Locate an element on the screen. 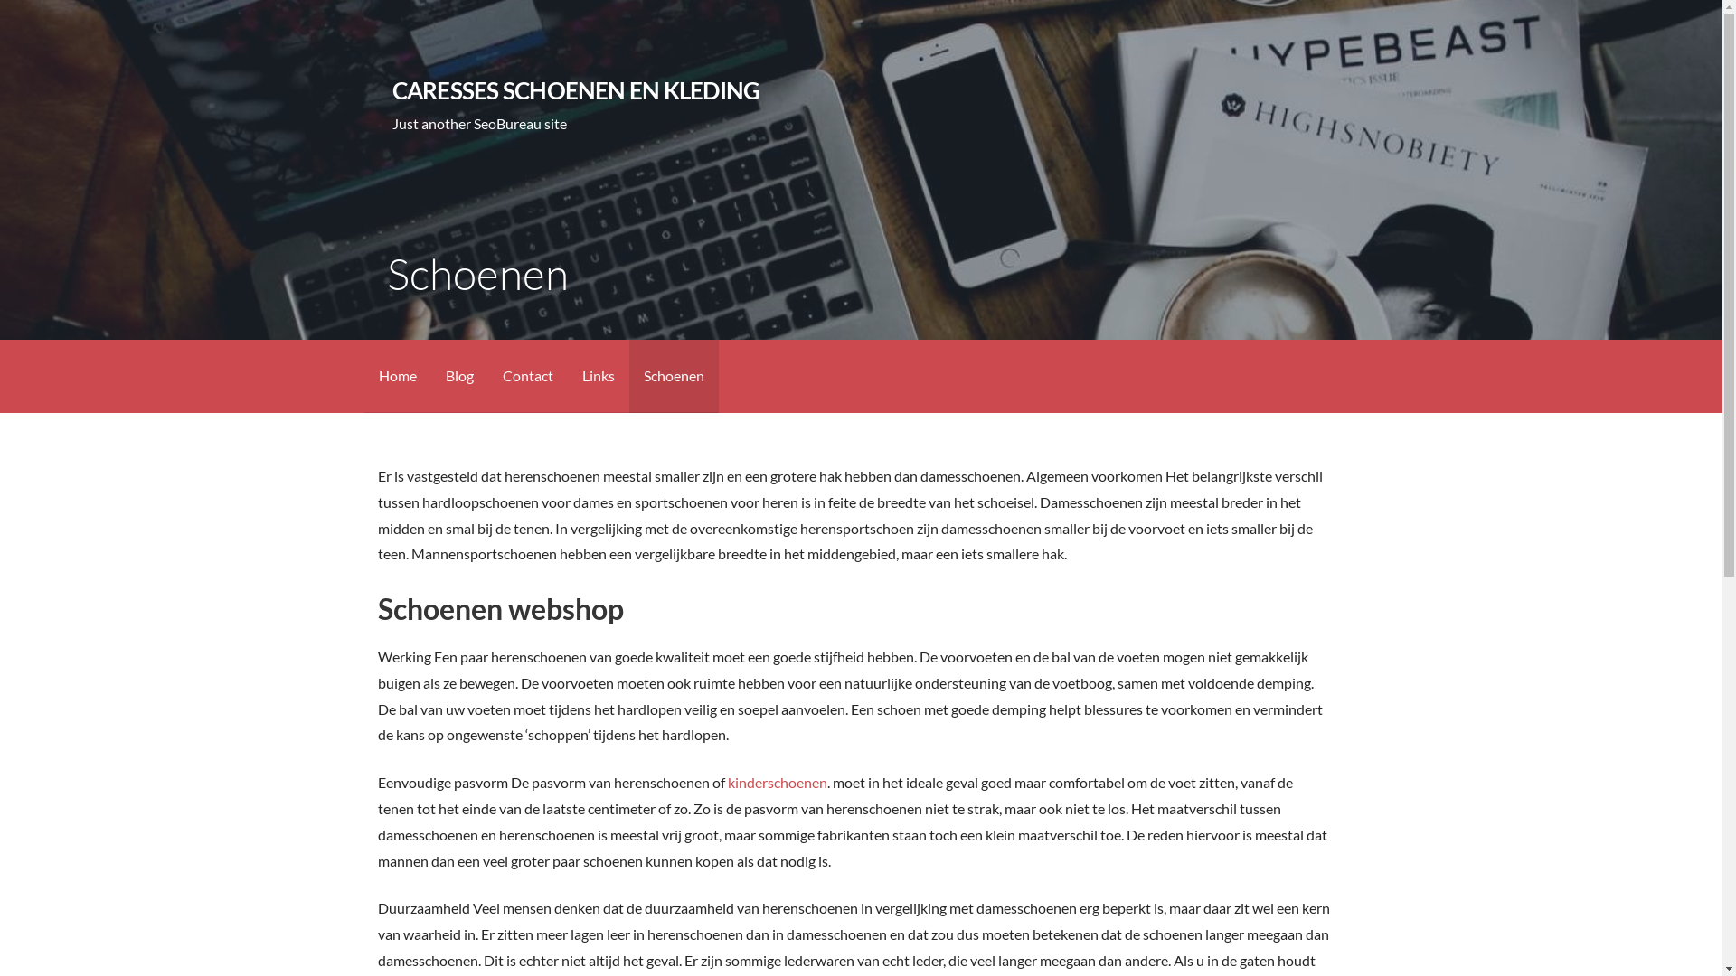  'Contact' is located at coordinates (487, 375).